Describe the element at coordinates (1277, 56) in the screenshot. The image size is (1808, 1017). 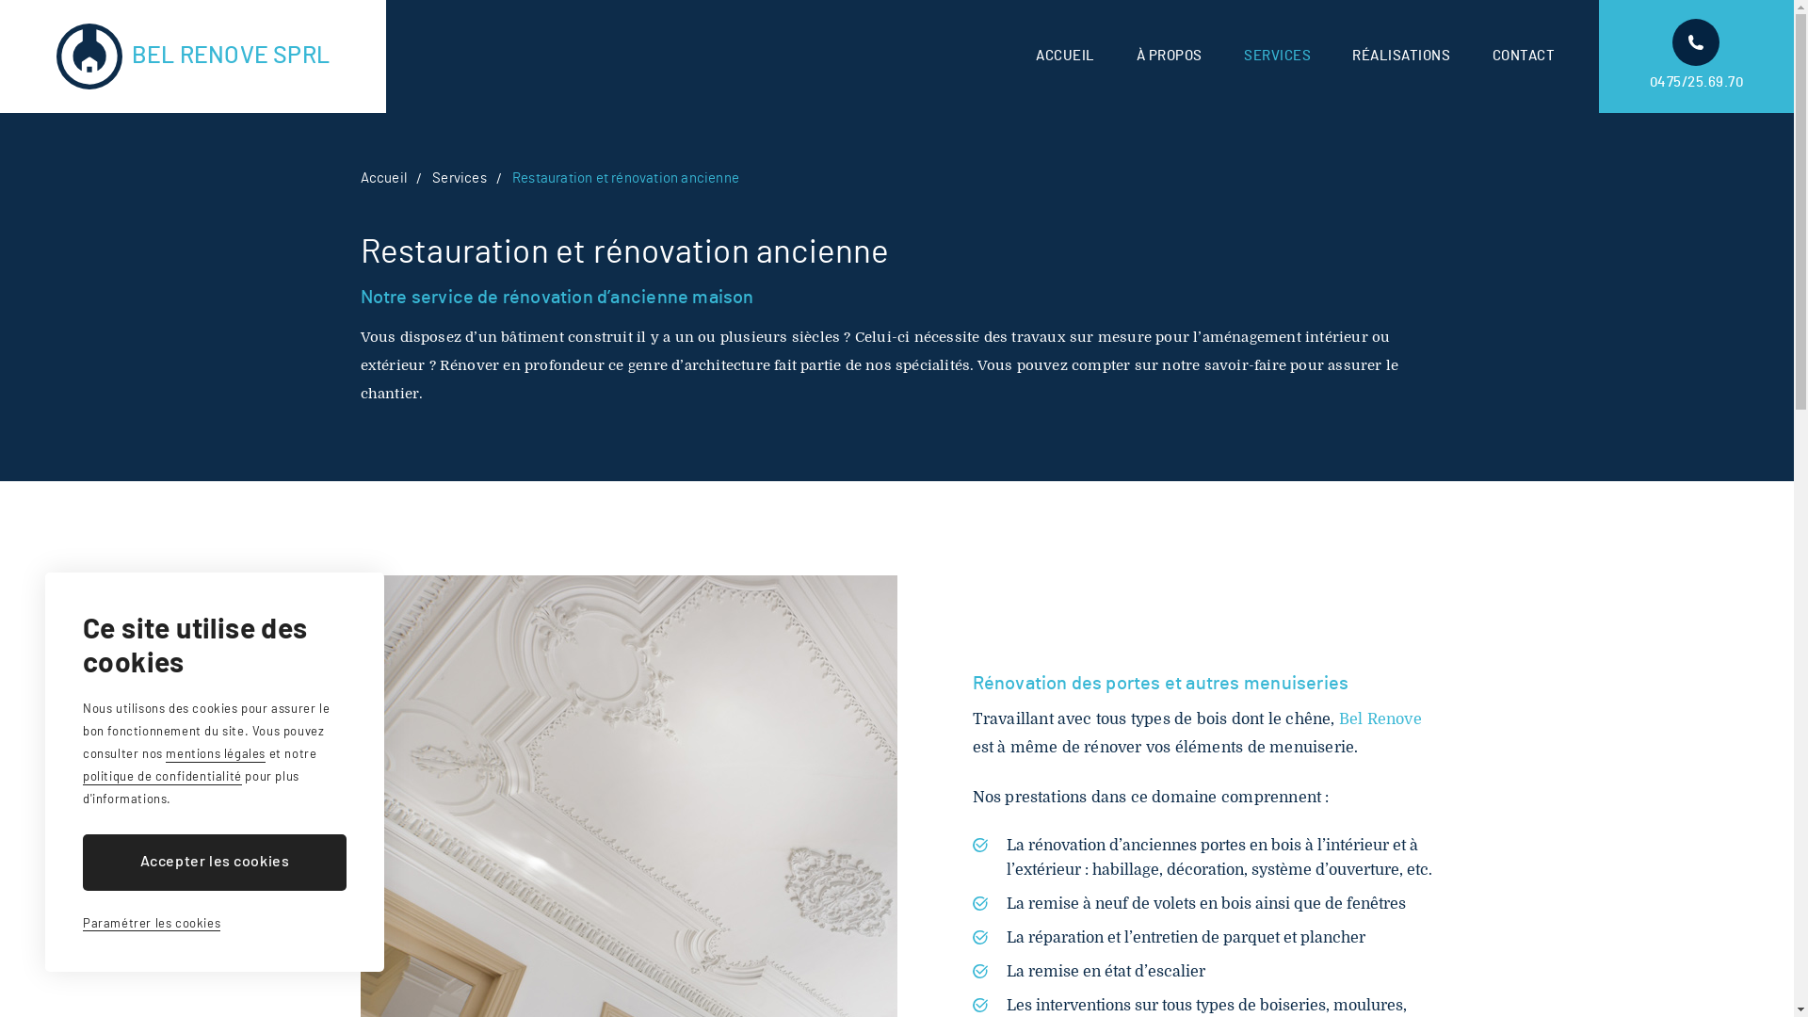
I see `'SERVICES'` at that location.